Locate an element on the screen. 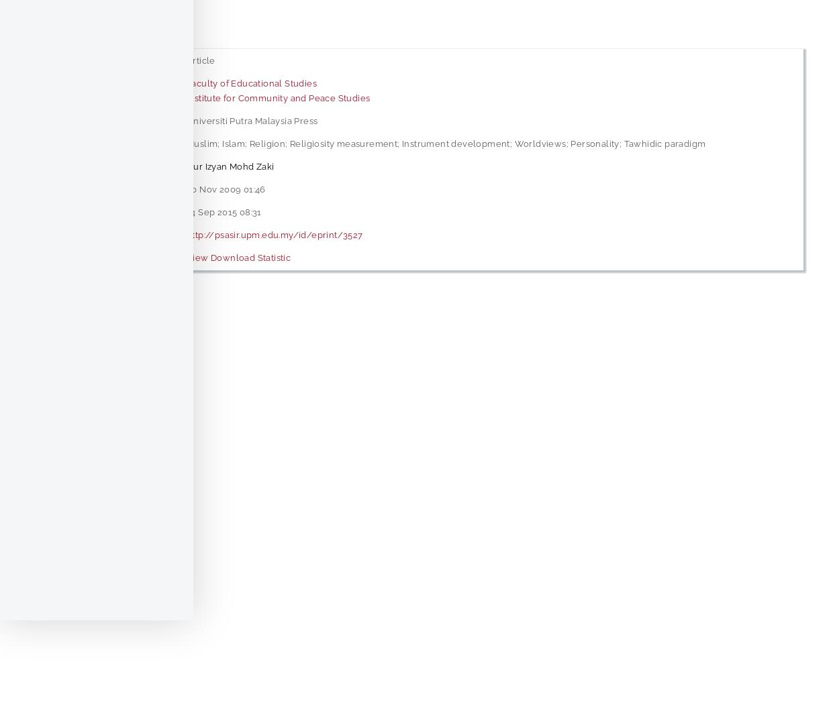  'Depositing User:' is located at coordinates (95, 166).